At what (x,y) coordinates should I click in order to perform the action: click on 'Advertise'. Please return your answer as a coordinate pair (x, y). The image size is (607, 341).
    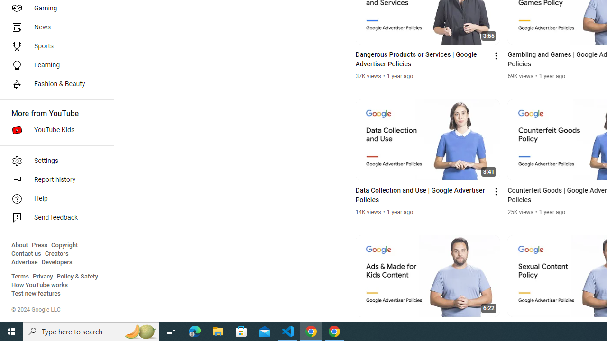
    Looking at the image, I should click on (24, 262).